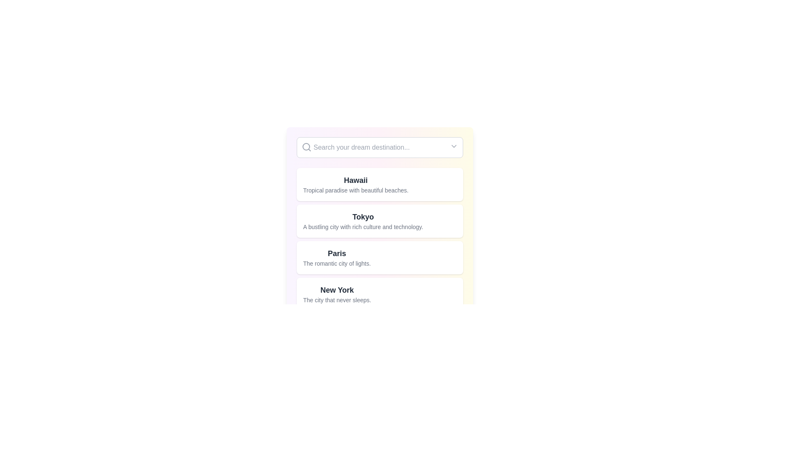  What do you see at coordinates (356, 180) in the screenshot?
I see `the text label displaying 'Hawaii', which is the title of an item in a list interface` at bounding box center [356, 180].